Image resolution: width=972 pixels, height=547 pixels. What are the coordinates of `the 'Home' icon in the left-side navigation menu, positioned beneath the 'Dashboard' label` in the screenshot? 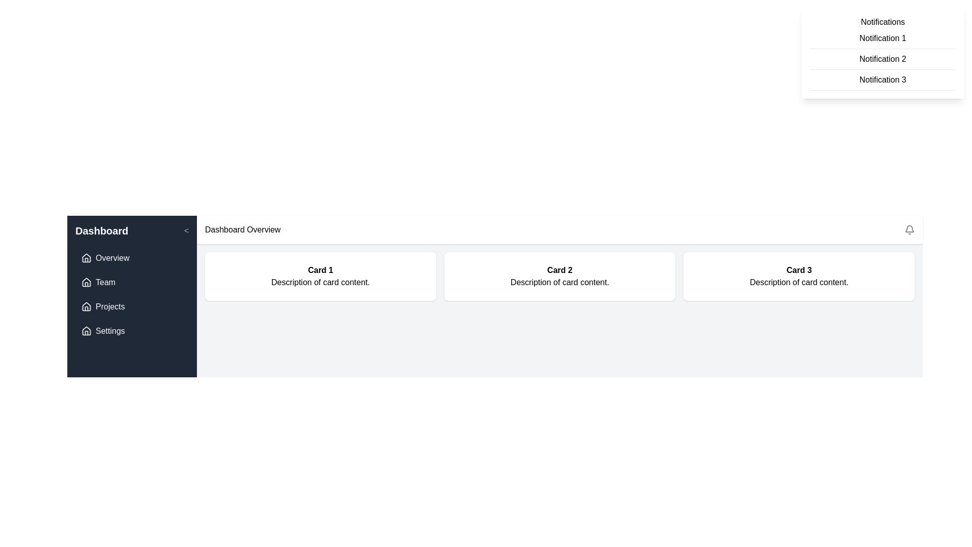 It's located at (87, 282).